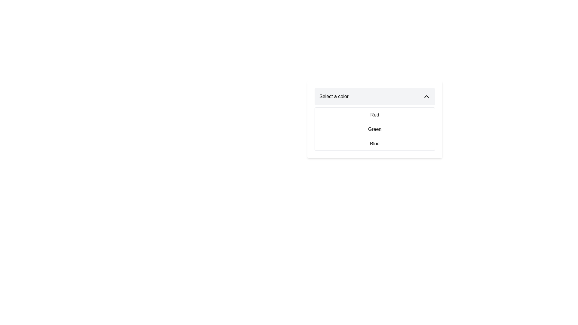 Image resolution: width=578 pixels, height=325 pixels. Describe the element at coordinates (334, 96) in the screenshot. I see `the text label that reads 'Select a color', which is styled in medium gray and located on the left side of a light gray bar with rounded corners` at that location.